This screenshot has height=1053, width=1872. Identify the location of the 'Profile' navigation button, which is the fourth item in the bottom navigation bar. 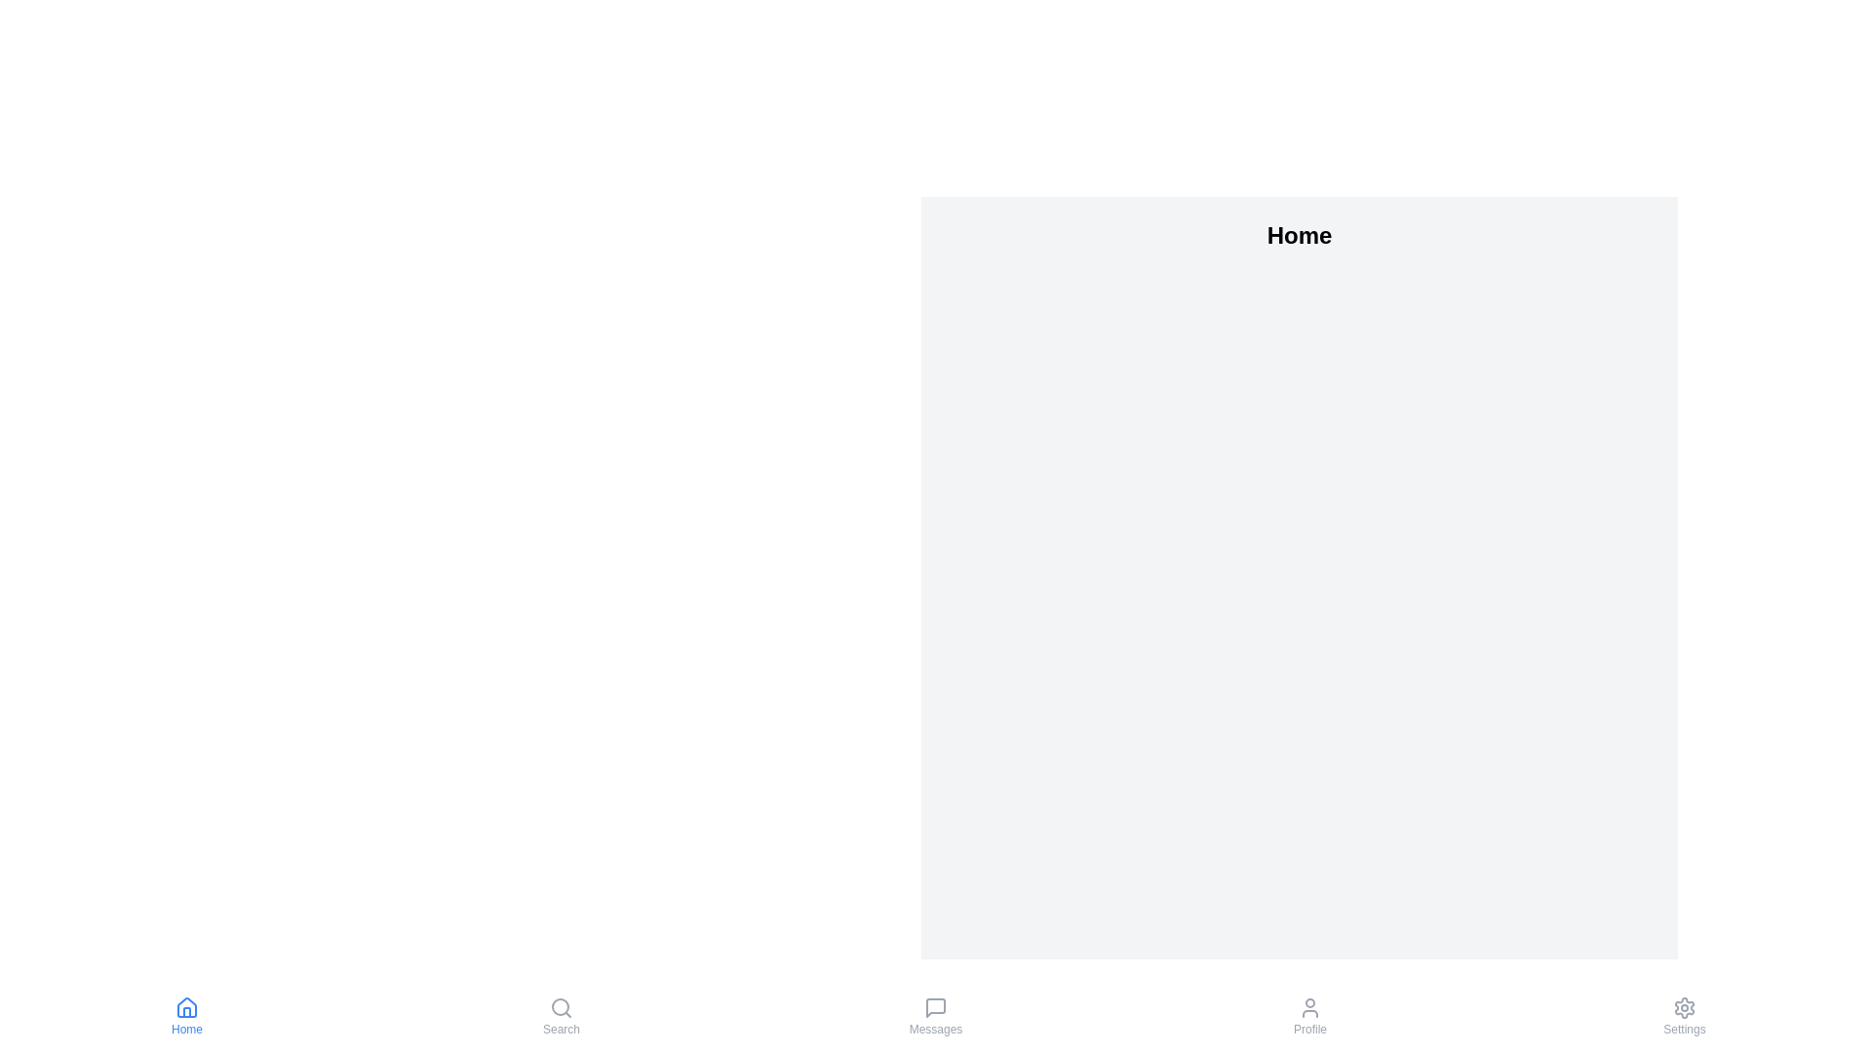
(1310, 1015).